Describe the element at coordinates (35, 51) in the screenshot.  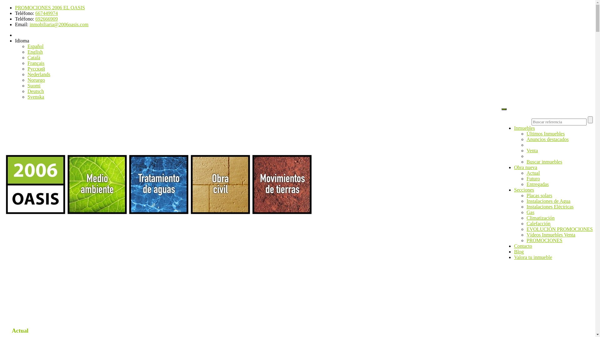
I see `'English'` at that location.